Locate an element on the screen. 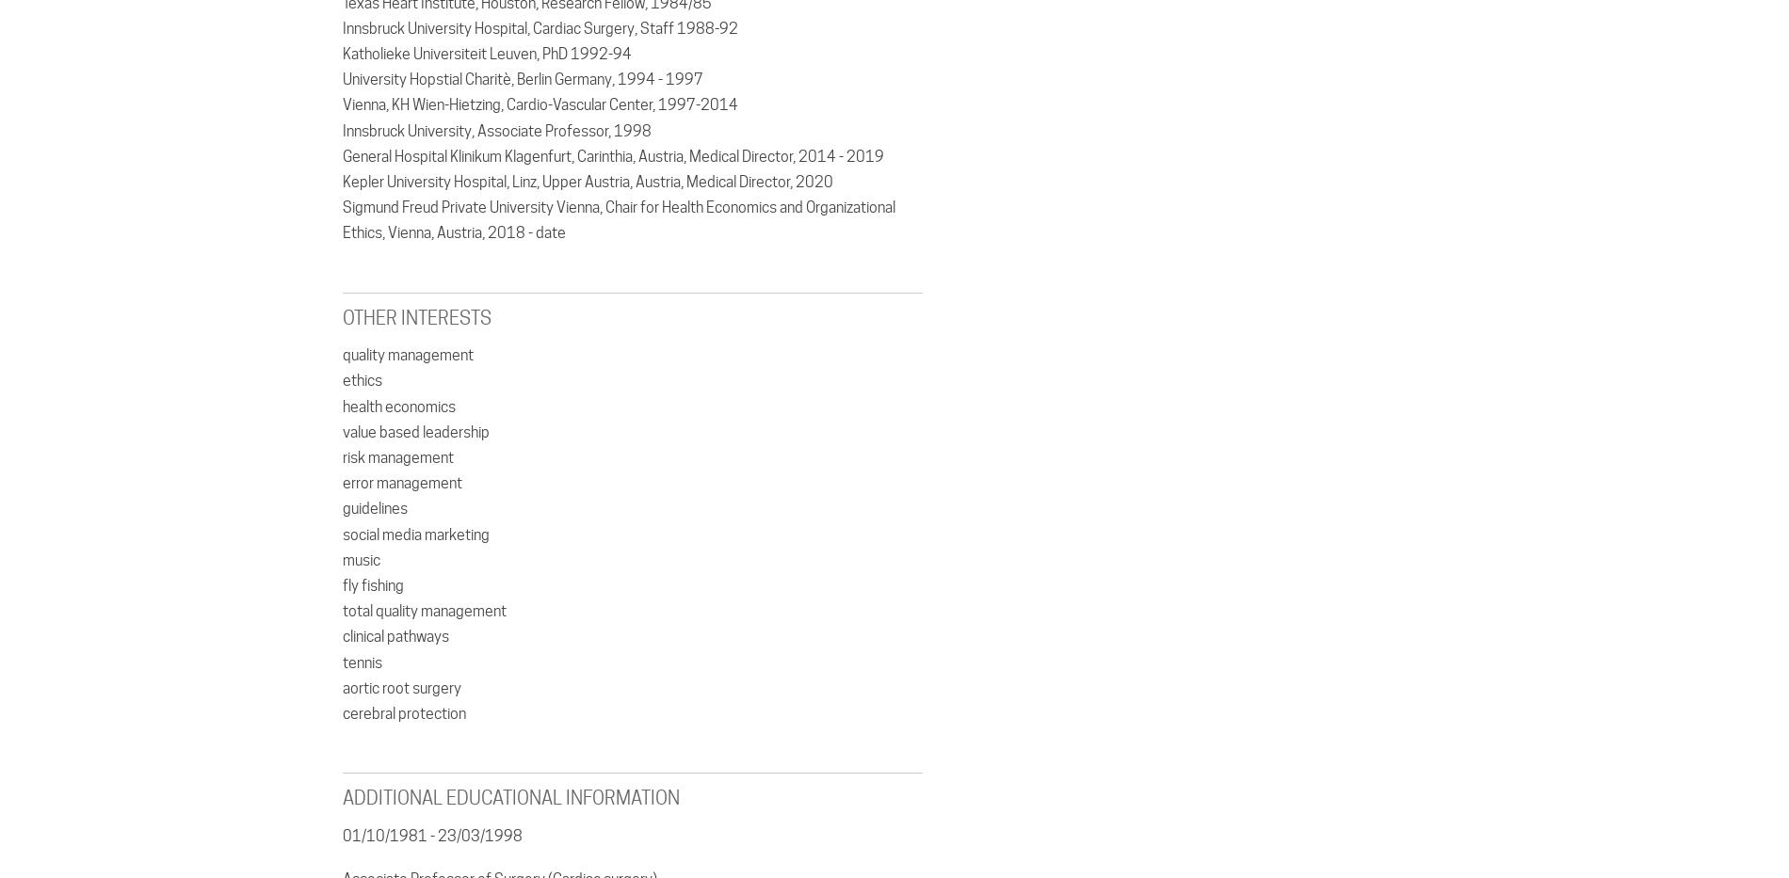  'ethics' is located at coordinates (342, 380).